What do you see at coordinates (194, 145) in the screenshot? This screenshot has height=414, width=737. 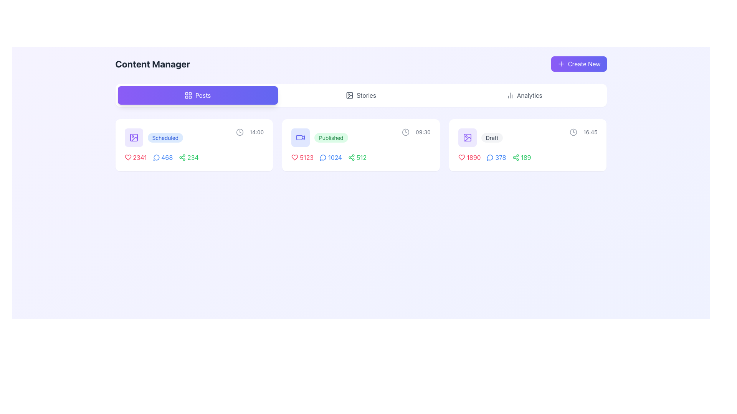 I see `the Information Card, which is the first card in the grid structure showing scheduled post details` at bounding box center [194, 145].